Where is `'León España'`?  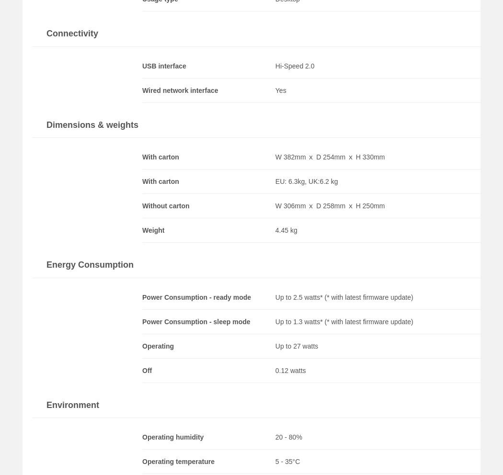 'León España' is located at coordinates (65, 53).